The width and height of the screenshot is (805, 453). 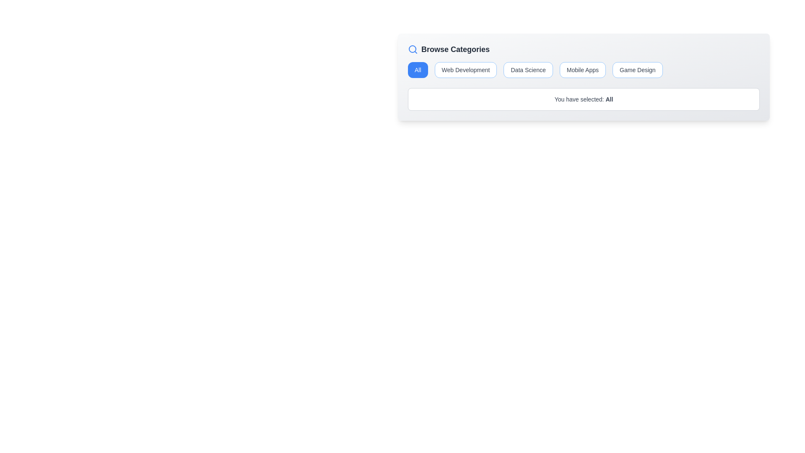 I want to click on the small circular SVG element that is part of the search icon within the 'Browse Categories' panel, which is identified by its class 'lucide lucide-search', so click(x=412, y=49).